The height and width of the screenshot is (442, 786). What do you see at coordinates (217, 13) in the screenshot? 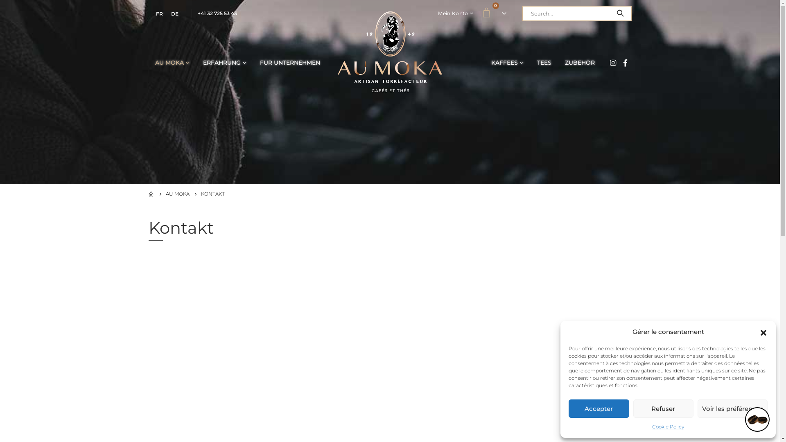
I see `'+41 32 725 53 43'` at bounding box center [217, 13].